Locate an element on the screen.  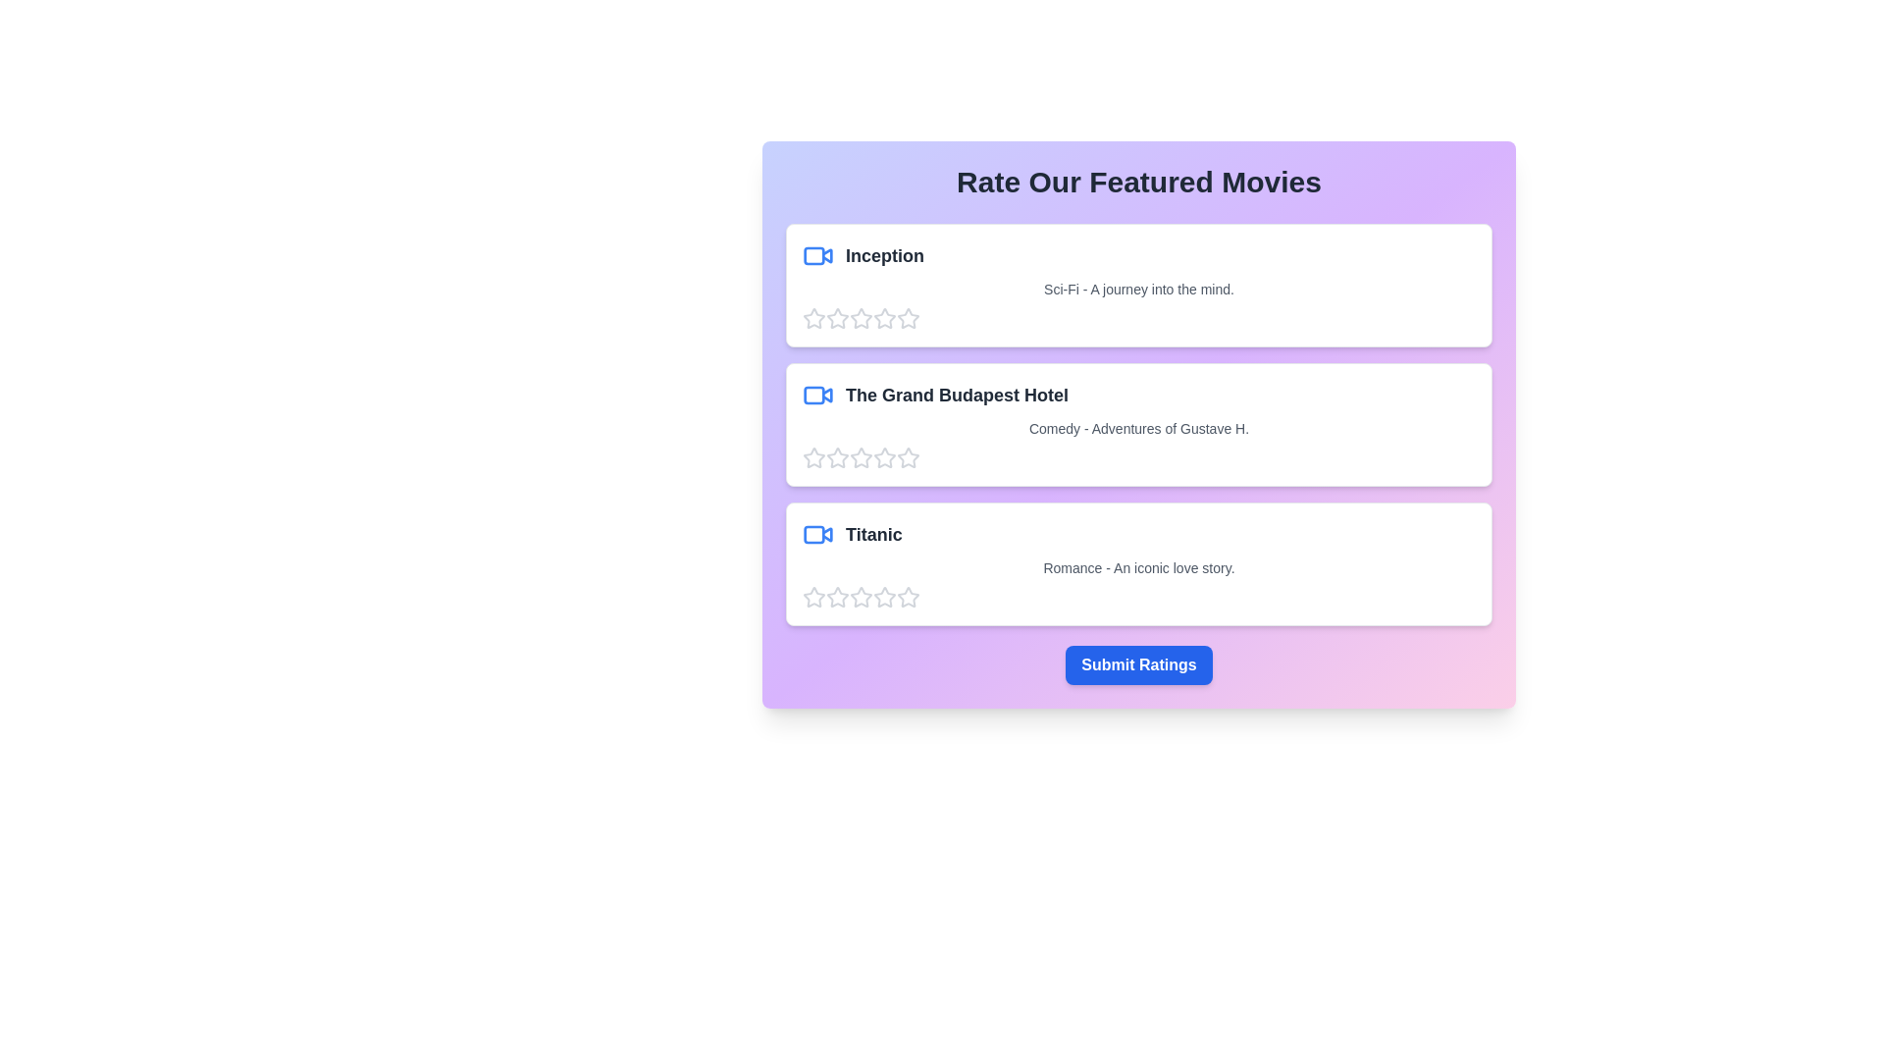
the star corresponding to 3 stars to preview the rating is located at coordinates (862, 317).